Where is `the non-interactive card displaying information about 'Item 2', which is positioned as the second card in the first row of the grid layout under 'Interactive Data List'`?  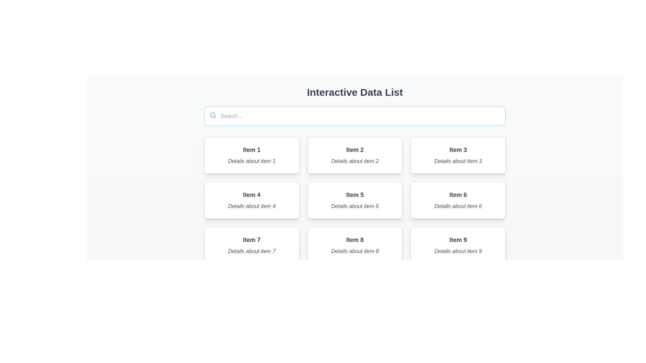 the non-interactive card displaying information about 'Item 2', which is positioned as the second card in the first row of the grid layout under 'Interactive Data List' is located at coordinates (355, 155).